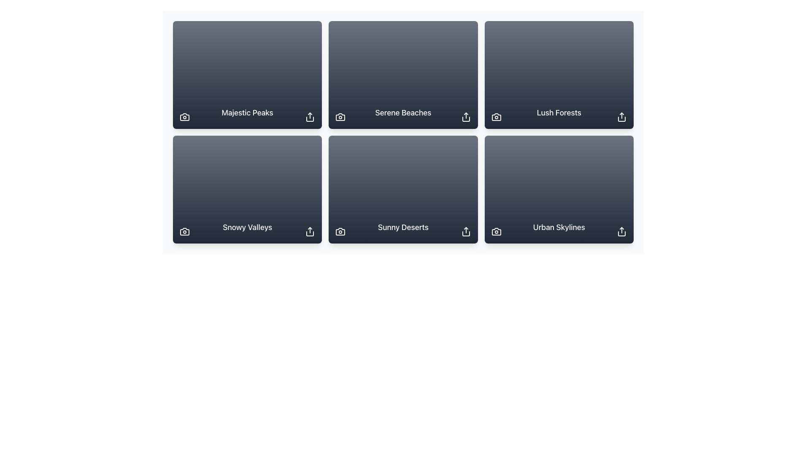 Image resolution: width=810 pixels, height=455 pixels. Describe the element at coordinates (559, 112) in the screenshot. I see `text of the descriptive title label located in the upper-right card of a grid, centered in the third column of the first row` at that location.